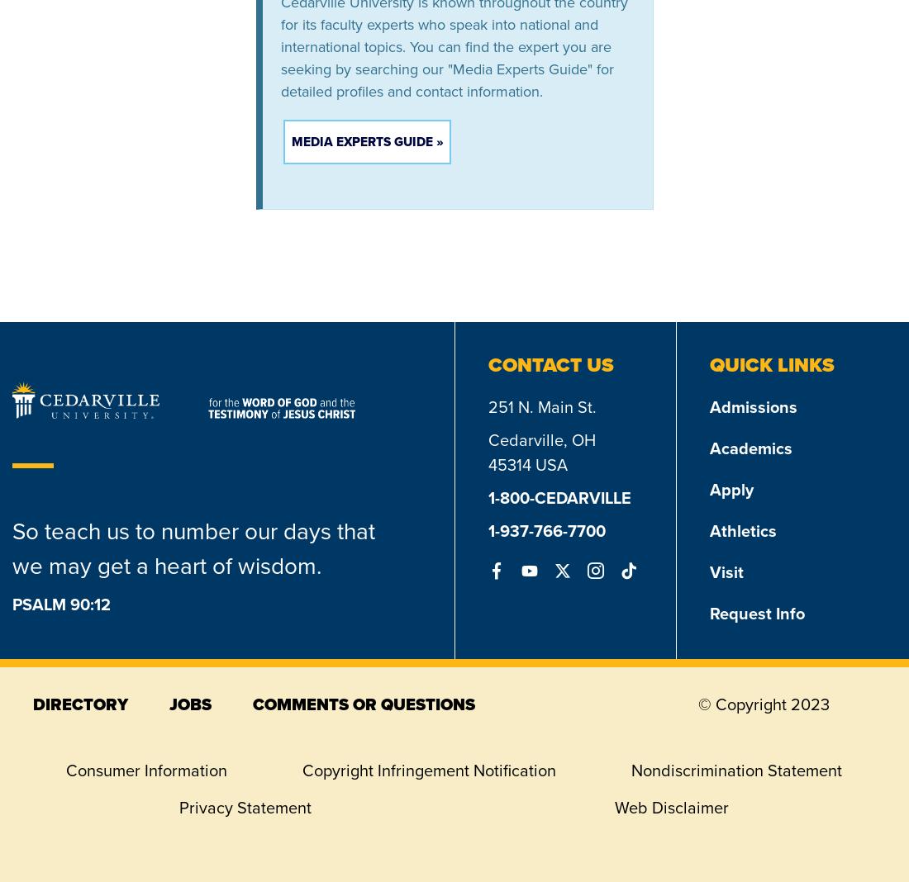 The image size is (909, 882). What do you see at coordinates (64, 770) in the screenshot?
I see `'Consumer Information'` at bounding box center [64, 770].